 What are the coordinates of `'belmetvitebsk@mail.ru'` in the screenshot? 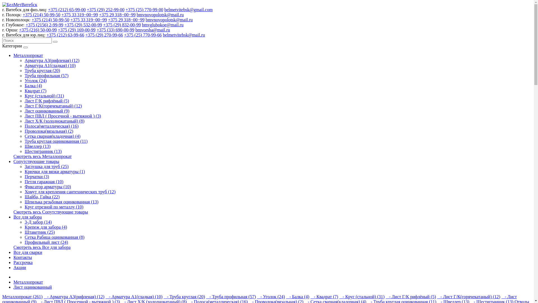 It's located at (184, 35).